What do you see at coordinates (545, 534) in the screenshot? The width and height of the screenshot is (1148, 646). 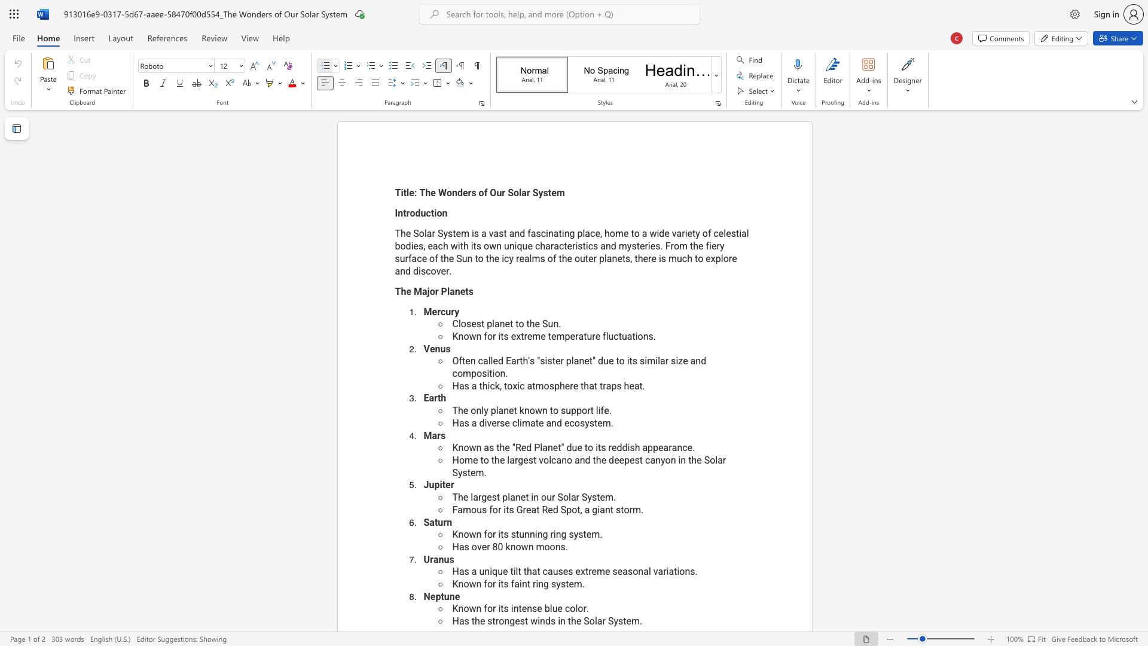 I see `the 1th character "g" in the text` at bounding box center [545, 534].